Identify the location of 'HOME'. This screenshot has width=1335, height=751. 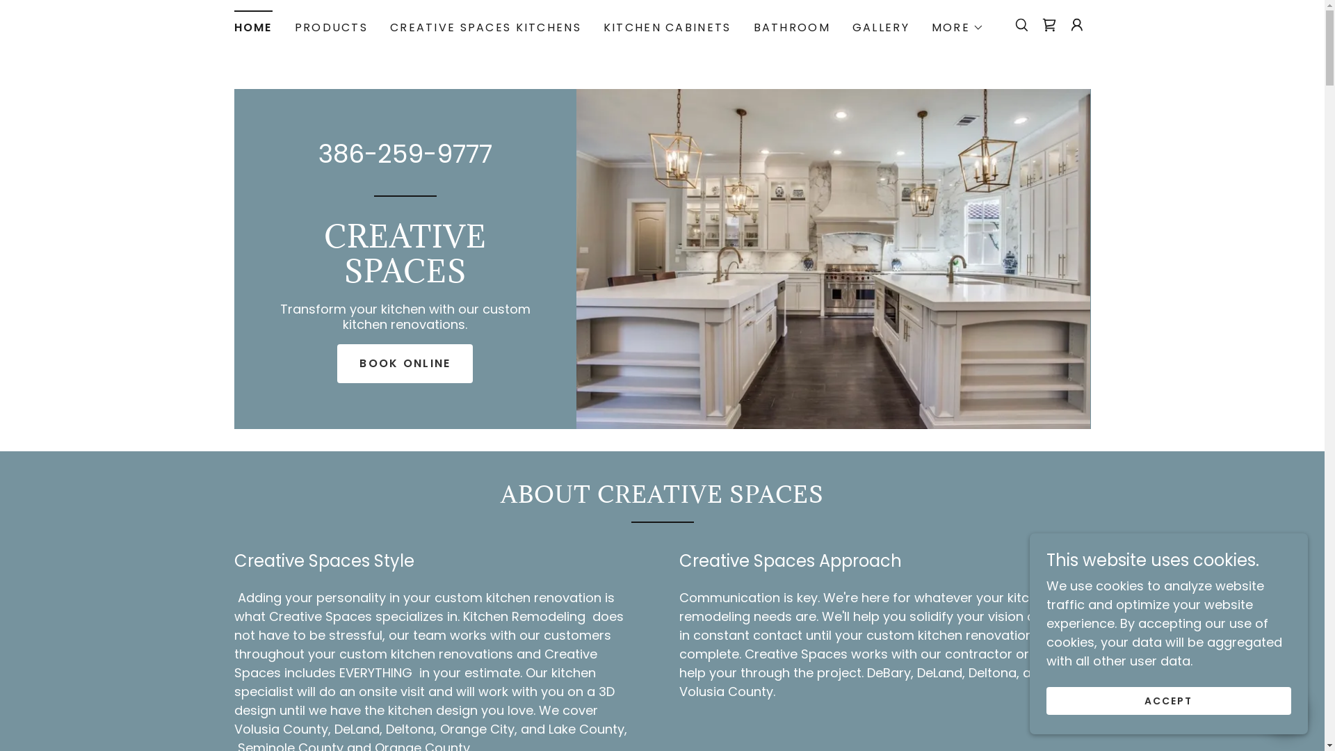
(252, 23).